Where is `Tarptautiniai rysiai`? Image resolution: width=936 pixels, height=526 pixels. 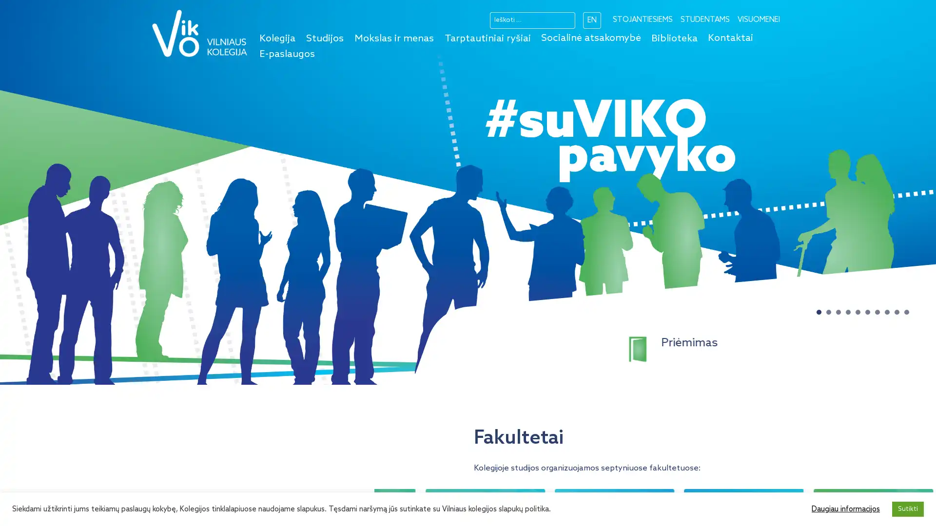
Tarptautiniai rysiai is located at coordinates (487, 38).